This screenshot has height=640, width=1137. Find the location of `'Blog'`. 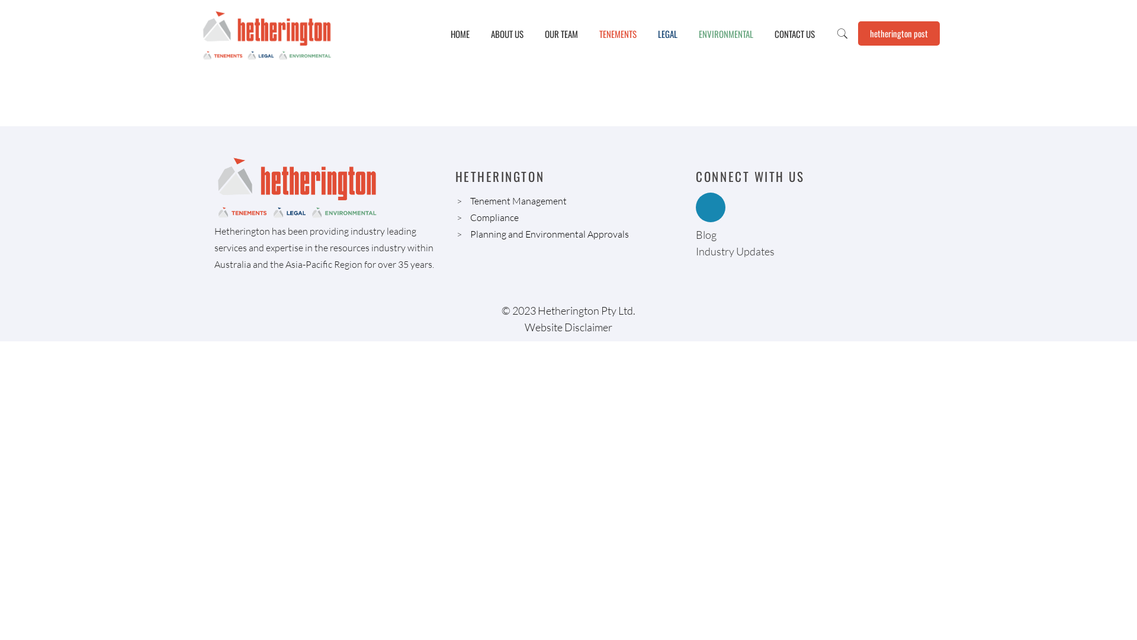

'Blog' is located at coordinates (706, 235).